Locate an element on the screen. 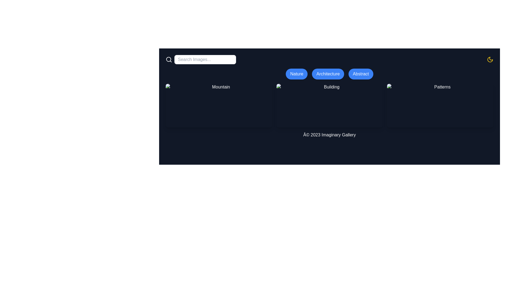 This screenshot has width=524, height=294. the image placeholder labeled 'Mountain' which is the first element in the grid layout is located at coordinates (219, 106).